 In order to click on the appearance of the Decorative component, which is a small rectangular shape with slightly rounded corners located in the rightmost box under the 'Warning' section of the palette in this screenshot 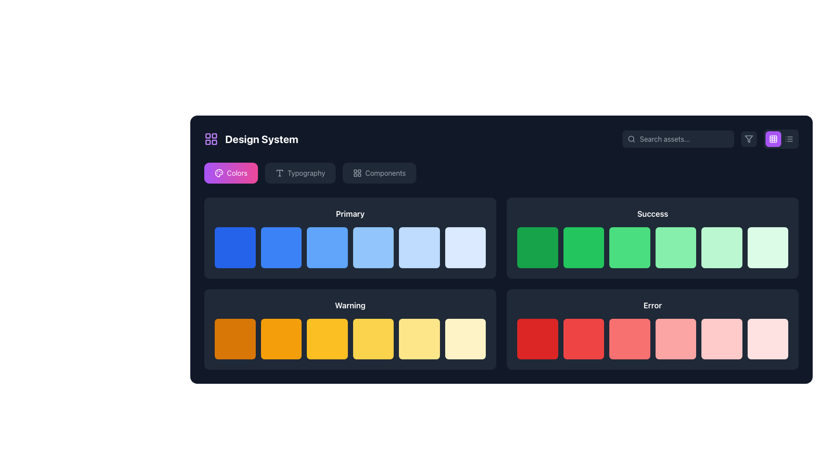, I will do `click(466, 339)`.